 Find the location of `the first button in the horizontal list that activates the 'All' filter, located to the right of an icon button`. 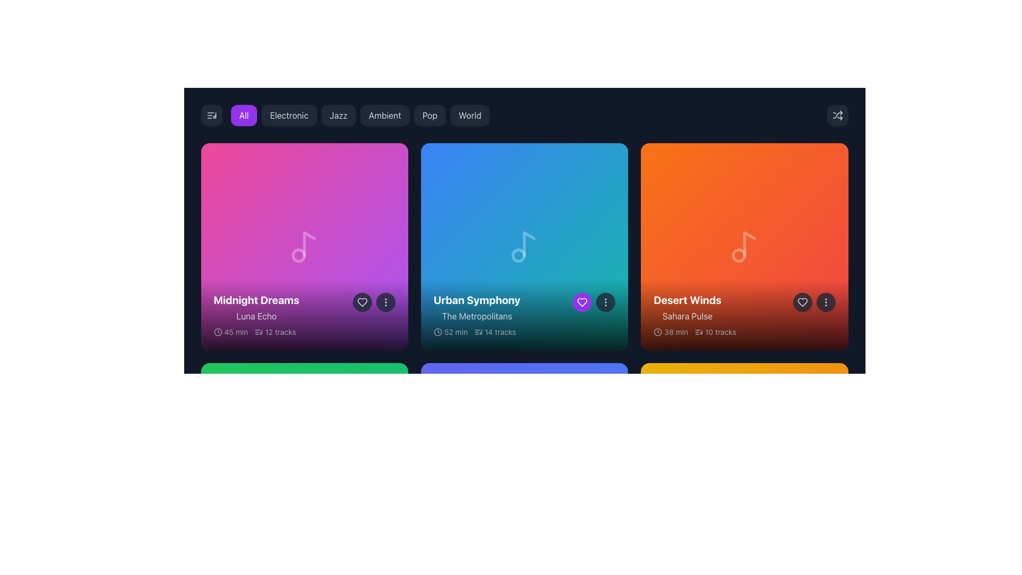

the first button in the horizontal list that activates the 'All' filter, located to the right of an icon button is located at coordinates (243, 115).